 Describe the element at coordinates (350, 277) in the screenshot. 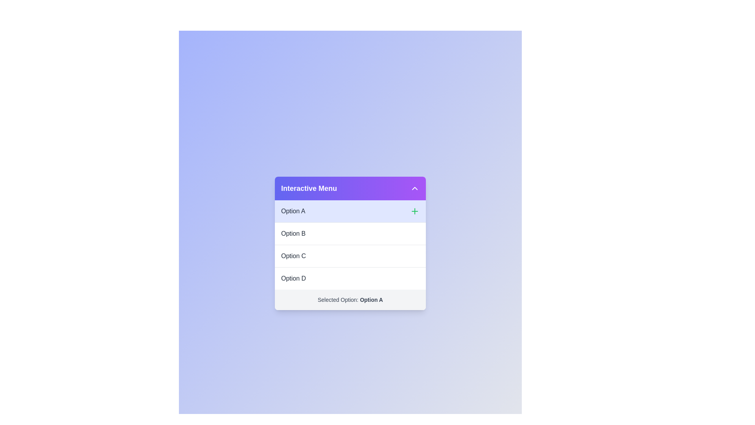

I see `the option Option D from the menu` at that location.